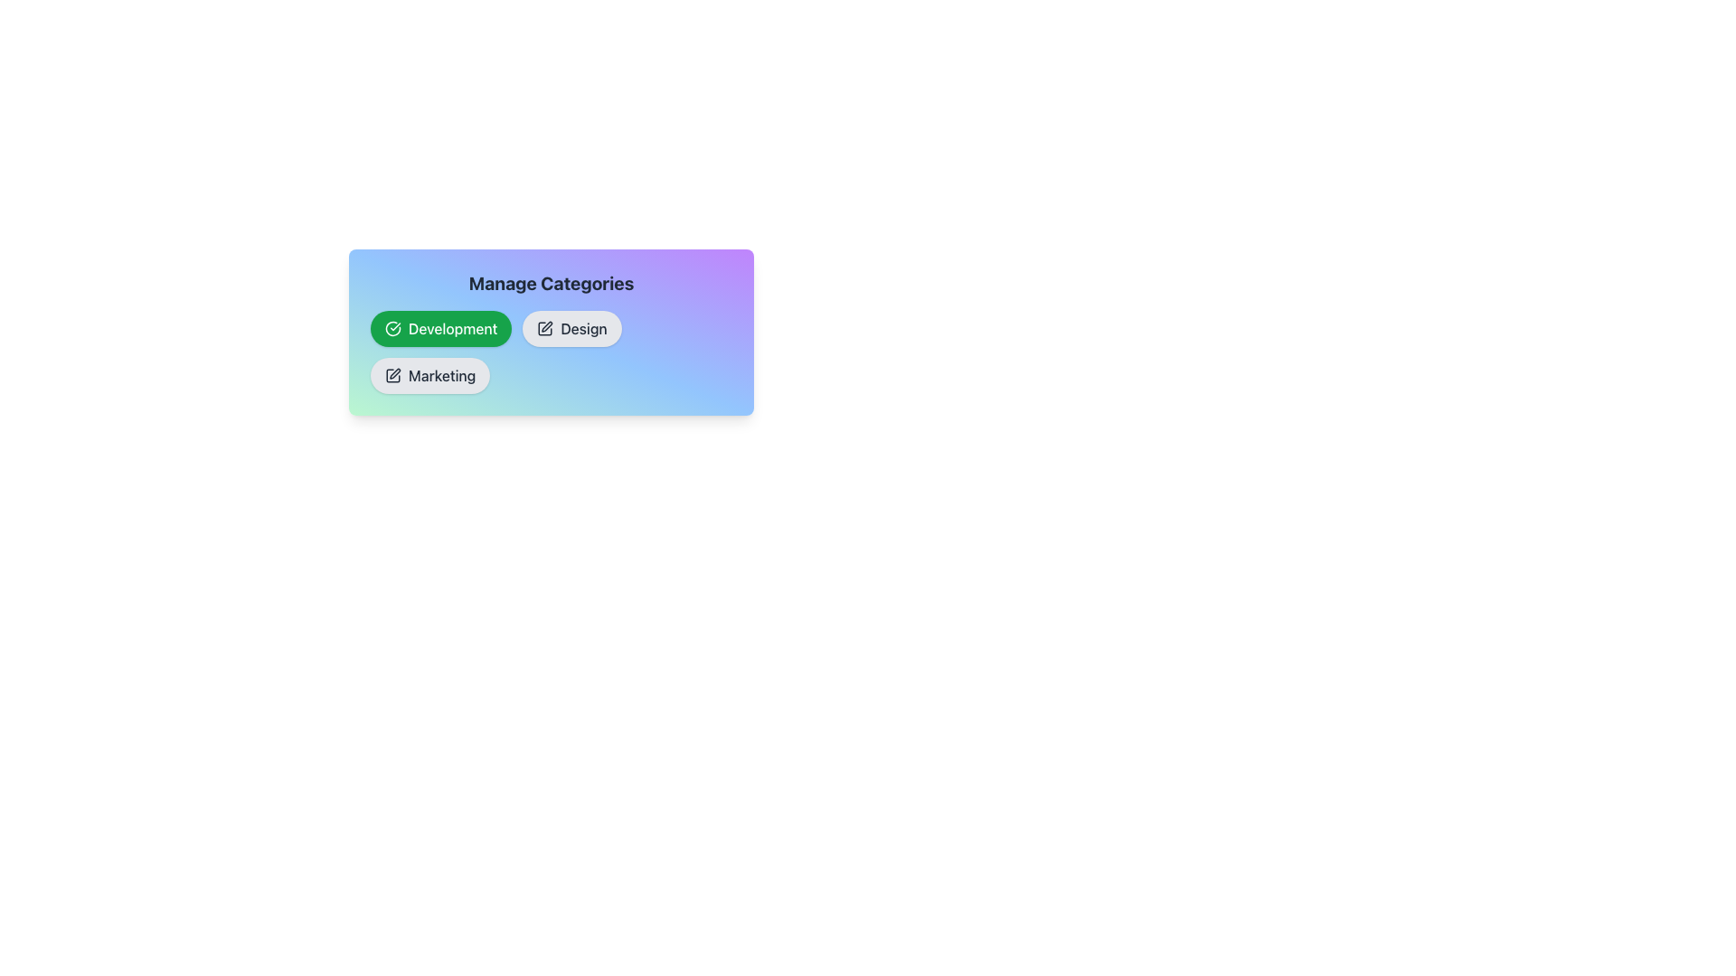 The image size is (1736, 976). Describe the element at coordinates (441, 328) in the screenshot. I see `the leftmost button in the horizontal layout` at that location.